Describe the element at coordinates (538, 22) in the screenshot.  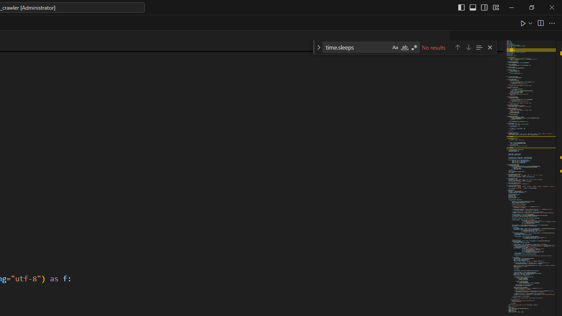
I see `'Editor actions'` at that location.